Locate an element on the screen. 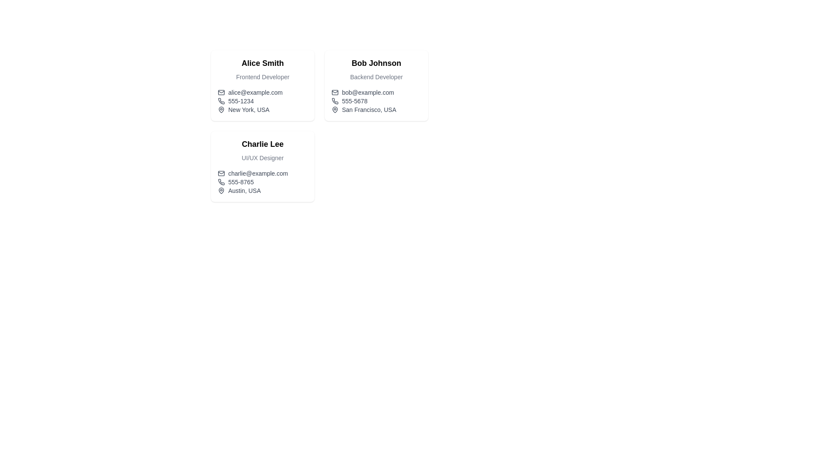  the primary rectangular element within the SVG envelope icon located to the left of the email address 'bob@example.com' in Bob Johnson's contact card is located at coordinates (334, 93).